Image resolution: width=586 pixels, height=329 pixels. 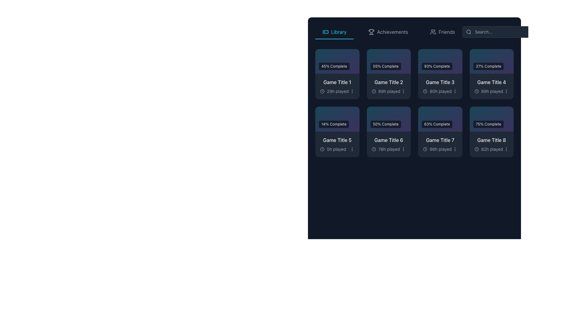 I want to click on the Text label that informs the user about the duration the game has been played, located below the title text within the 'Game Title 3' card, which is distinguished by its header '93% Complete', so click(x=437, y=91).